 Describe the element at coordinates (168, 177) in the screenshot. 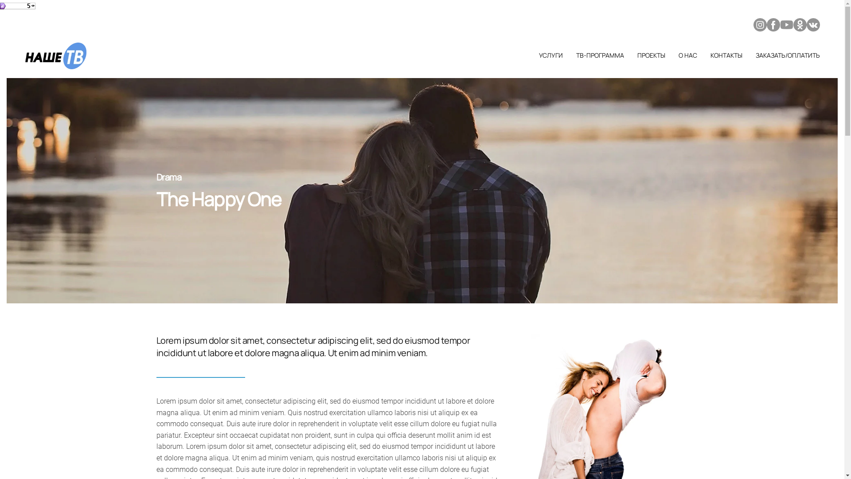

I see `'Drama'` at that location.